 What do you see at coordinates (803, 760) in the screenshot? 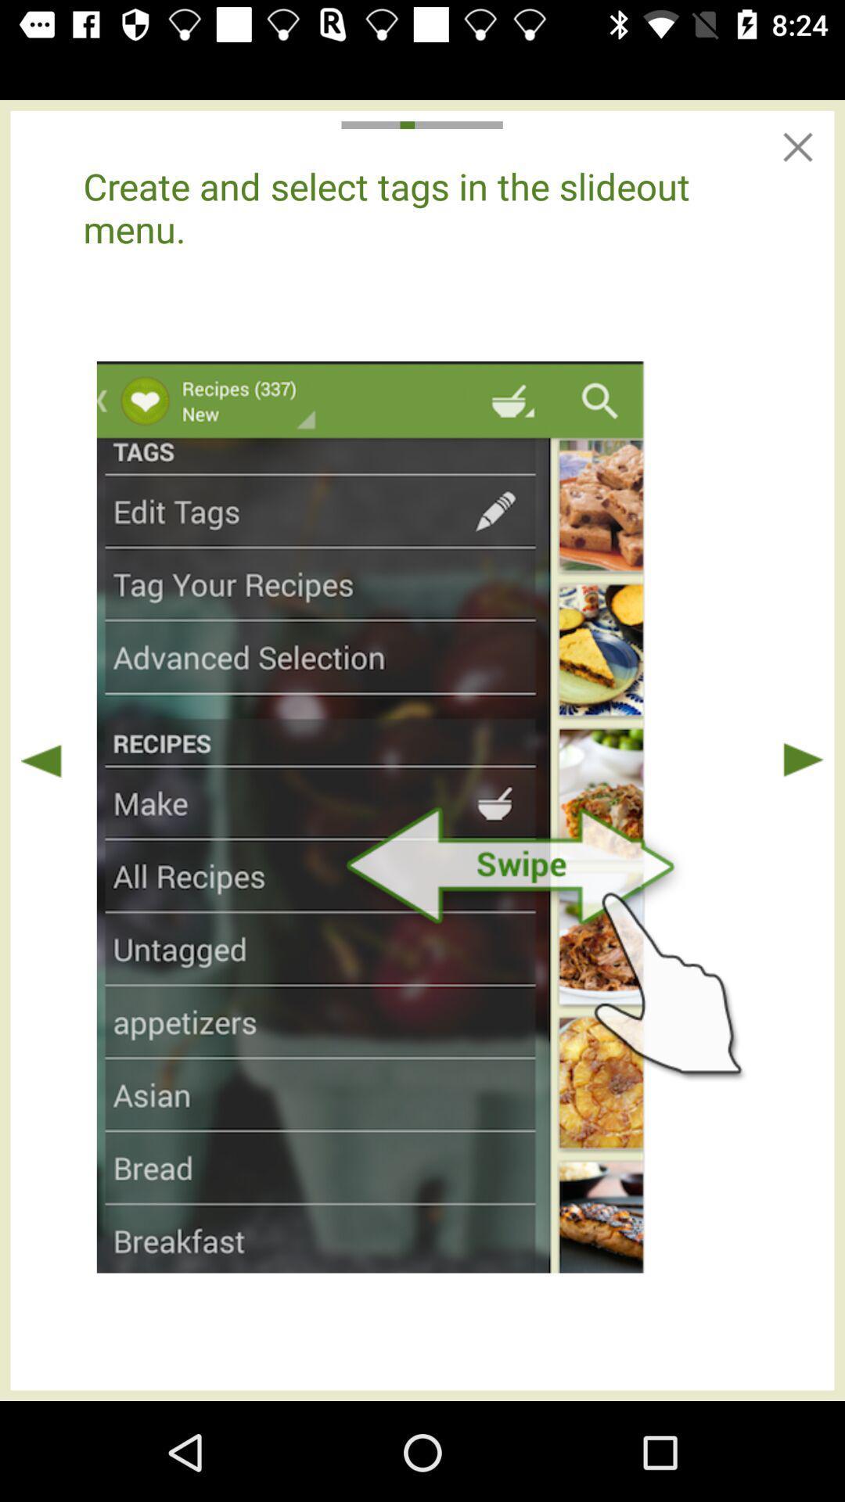
I see `play` at bounding box center [803, 760].